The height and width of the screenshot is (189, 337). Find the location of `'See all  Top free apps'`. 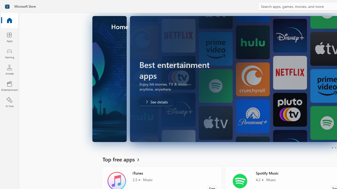

'See all  Top free apps' is located at coordinates (124, 159).